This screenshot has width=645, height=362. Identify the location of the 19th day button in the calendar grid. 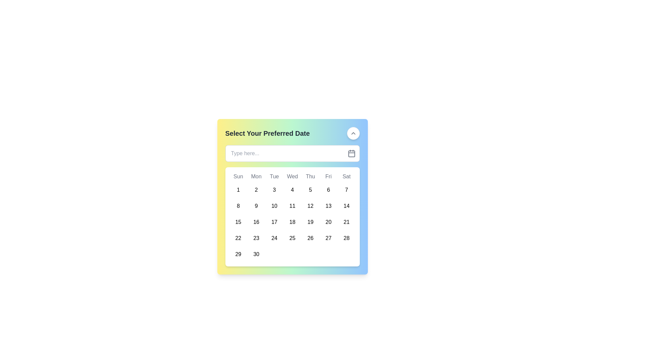
(310, 222).